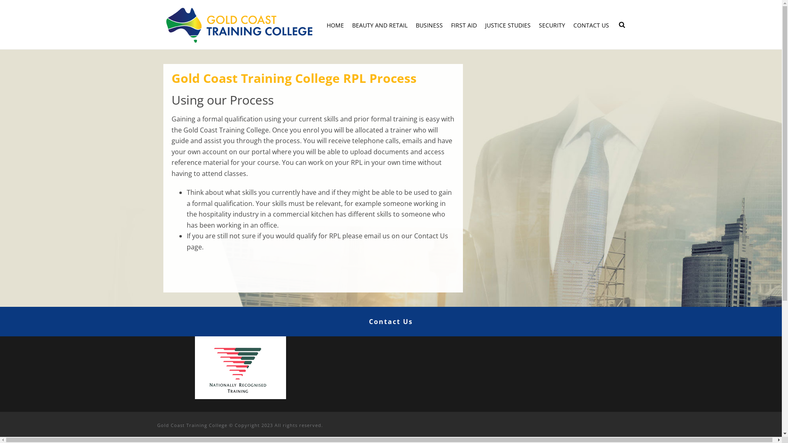  I want to click on 'HOME', so click(335, 25).